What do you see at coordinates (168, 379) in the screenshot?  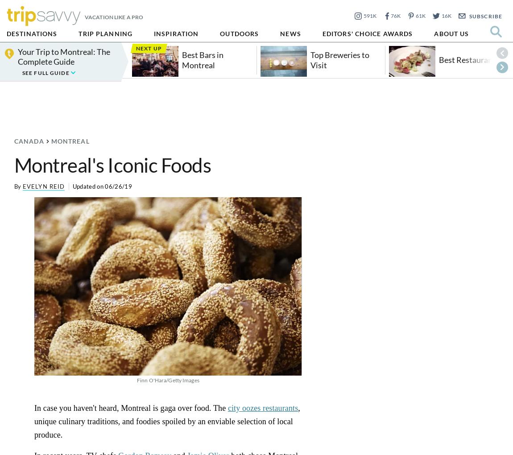 I see `'Finn O'Hara/Getty Images'` at bounding box center [168, 379].